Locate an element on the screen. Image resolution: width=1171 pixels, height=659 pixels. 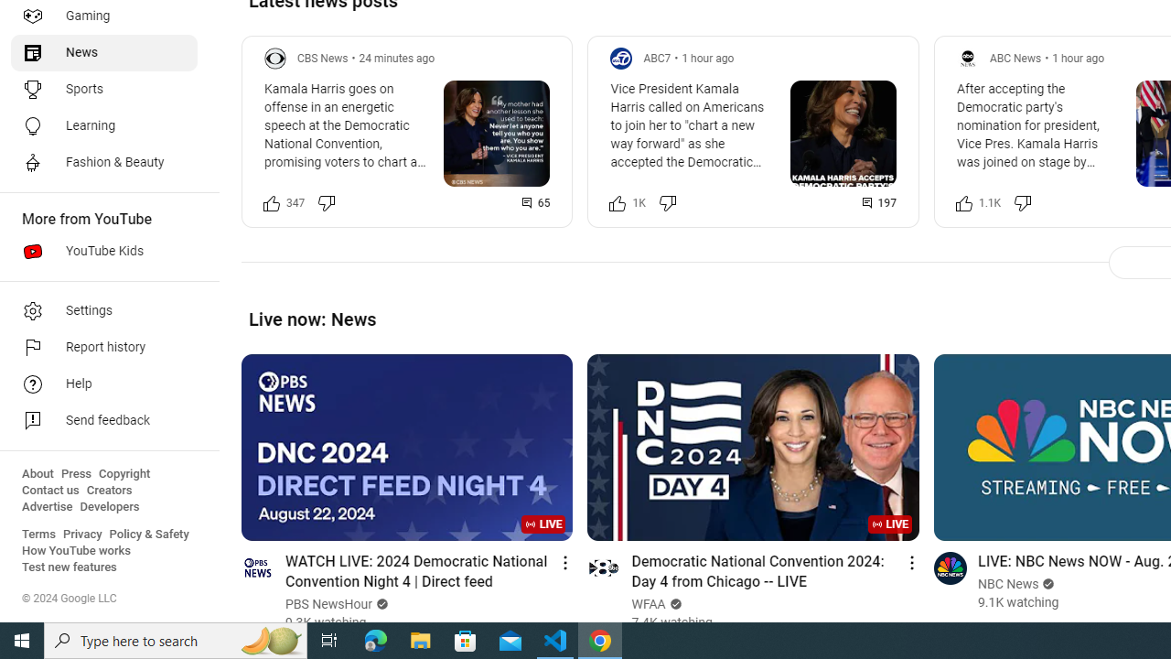
'About' is located at coordinates (38, 473).